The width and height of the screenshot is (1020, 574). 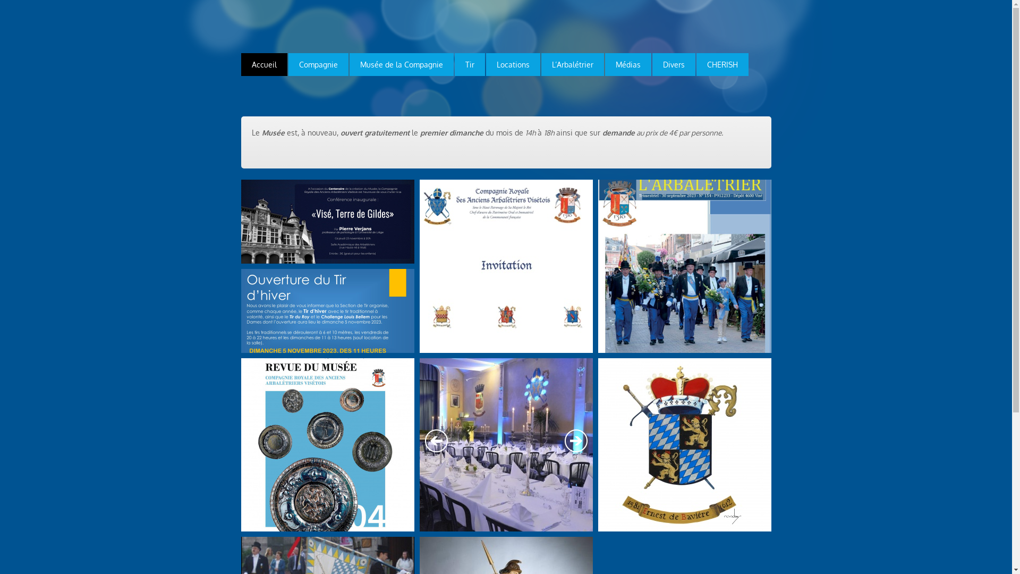 What do you see at coordinates (317, 64) in the screenshot?
I see `'Compagnie'` at bounding box center [317, 64].